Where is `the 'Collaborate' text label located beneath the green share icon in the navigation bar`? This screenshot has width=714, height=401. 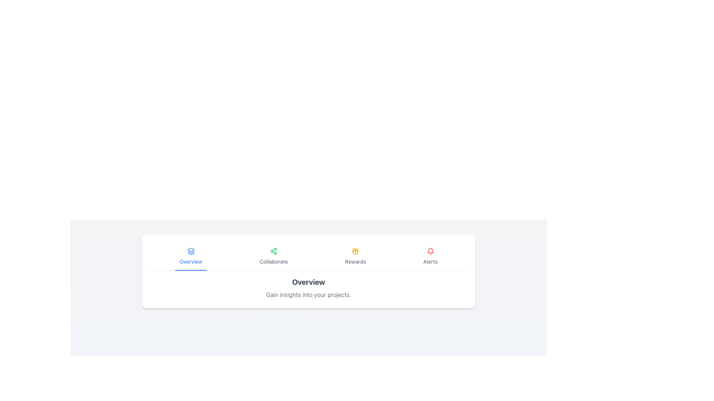
the 'Collaborate' text label located beneath the green share icon in the navigation bar is located at coordinates (273, 261).